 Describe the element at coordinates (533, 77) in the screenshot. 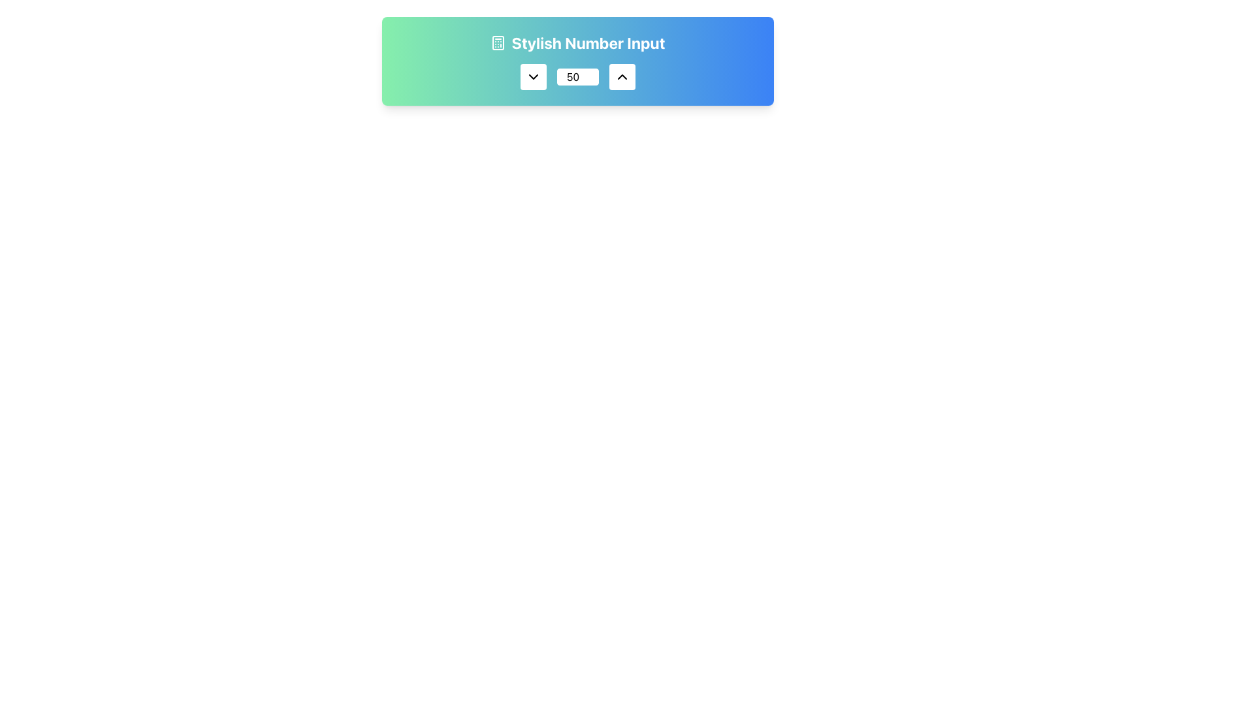

I see `the downward pointing chevron icon on the button` at that location.